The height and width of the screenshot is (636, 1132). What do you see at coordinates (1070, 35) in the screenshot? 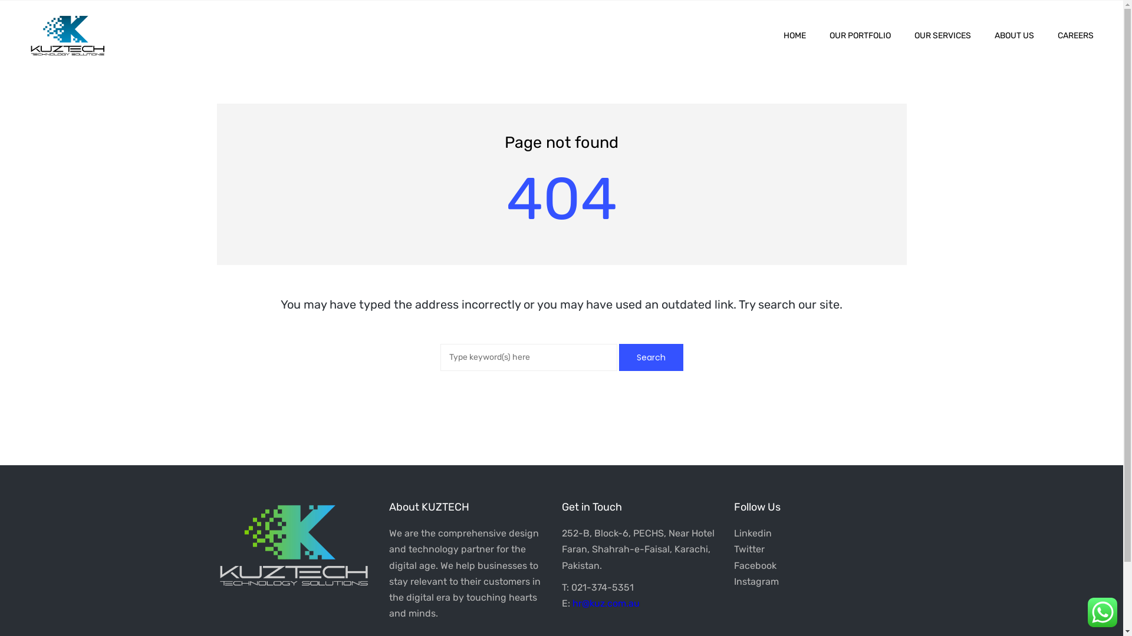
I see `'CAREERS'` at bounding box center [1070, 35].